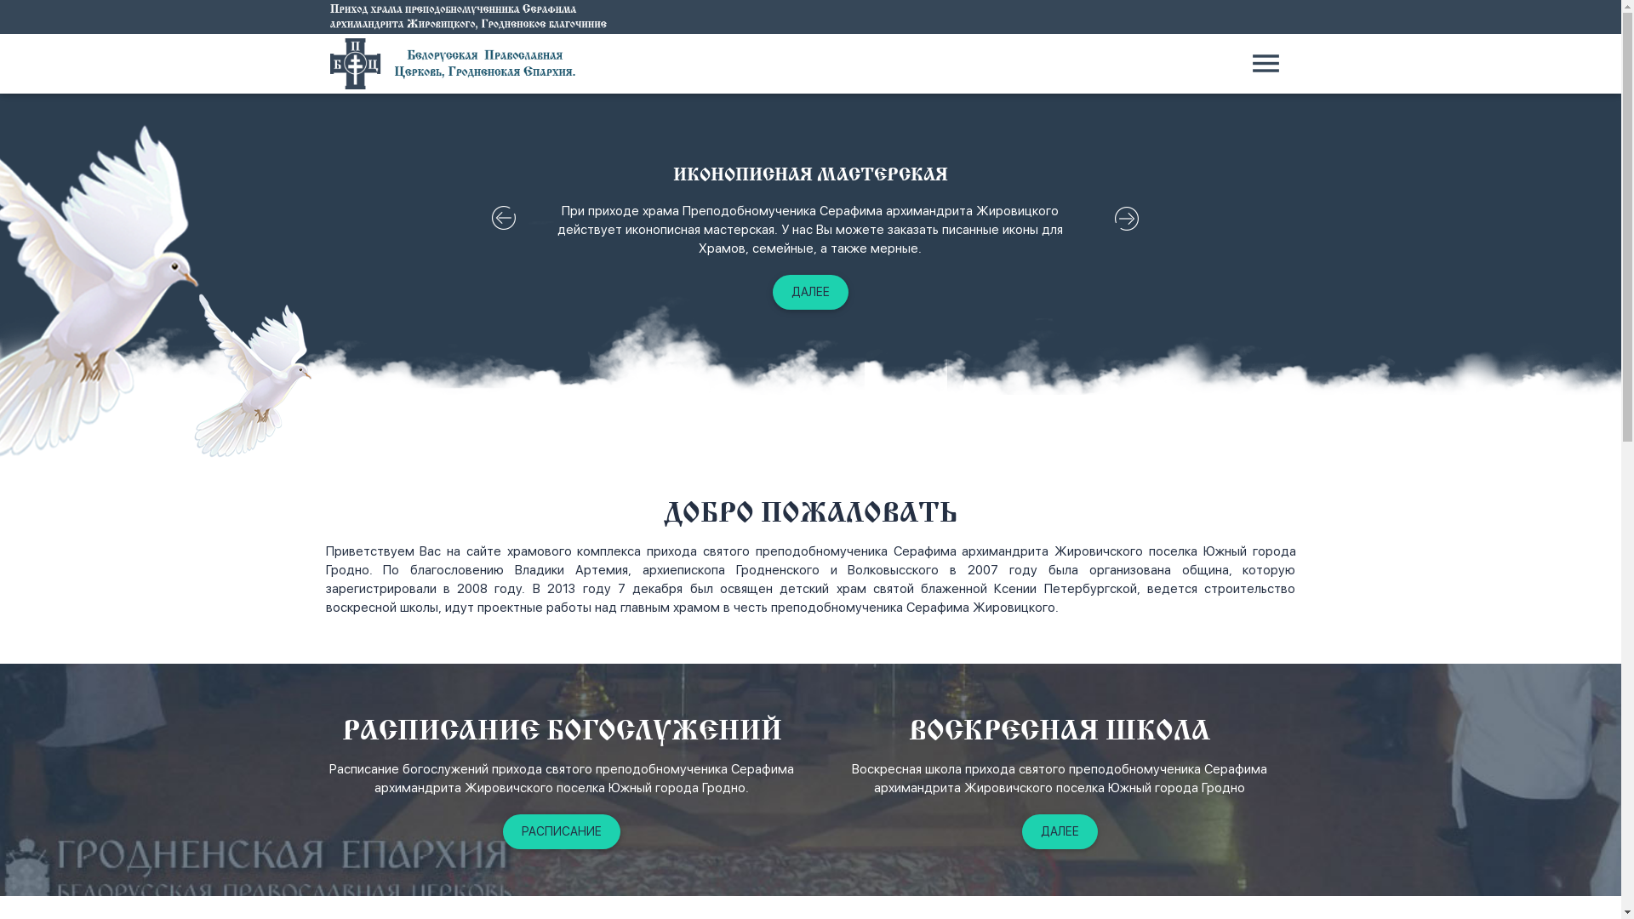 This screenshot has height=919, width=1634. What do you see at coordinates (1265, 62) in the screenshot?
I see `'menu'` at bounding box center [1265, 62].